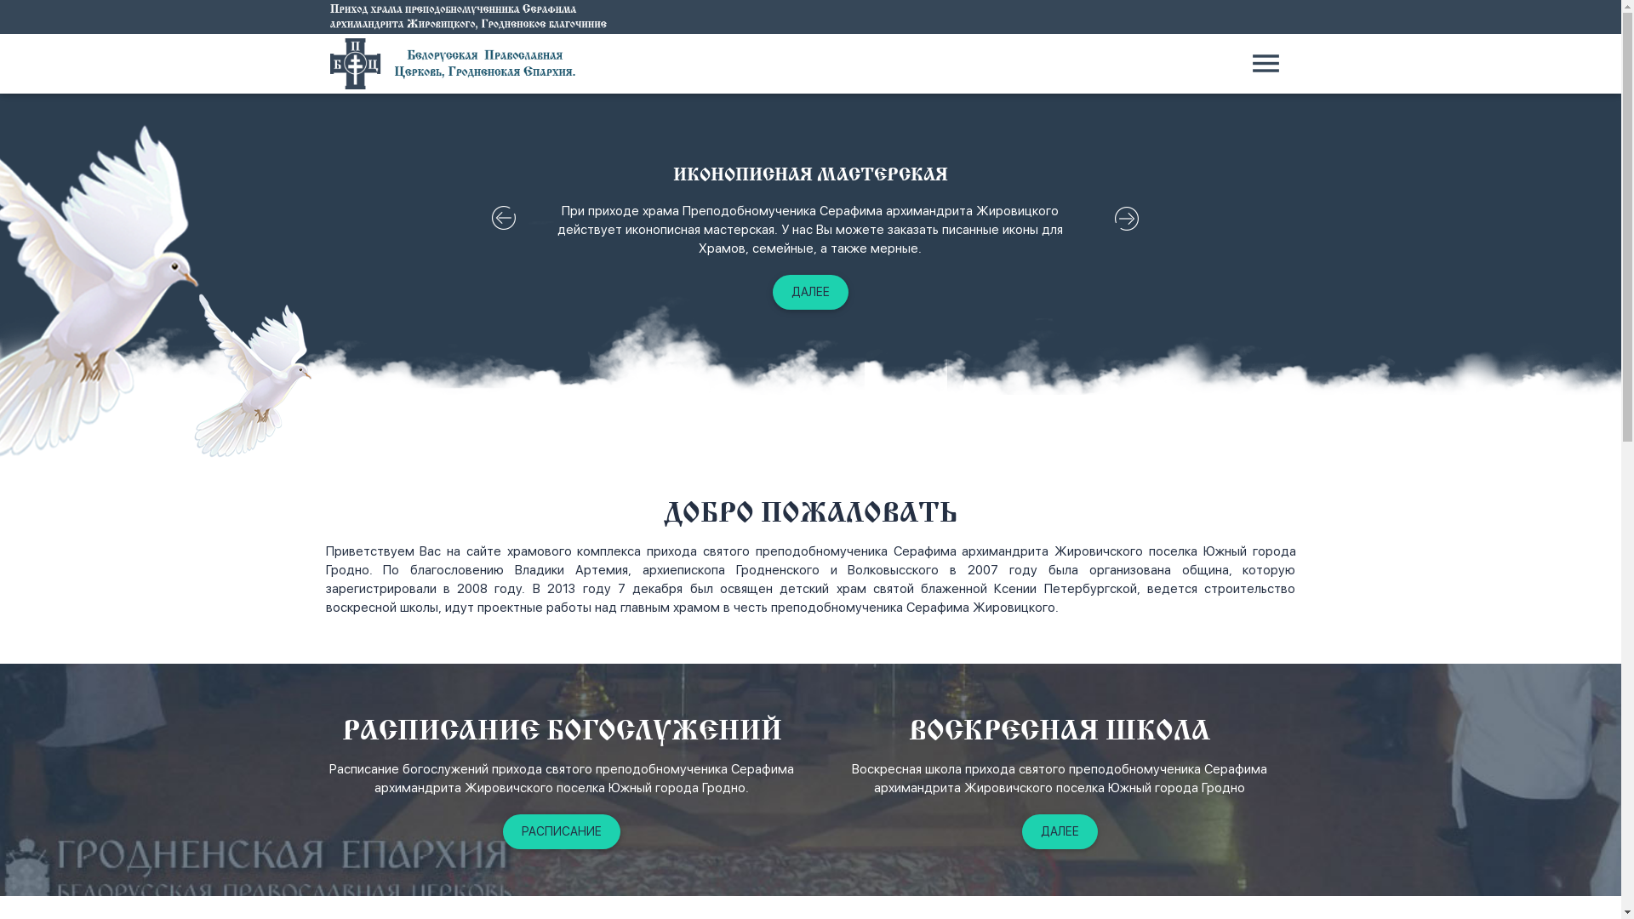 This screenshot has height=919, width=1634. What do you see at coordinates (1265, 62) in the screenshot?
I see `'menu'` at bounding box center [1265, 62].